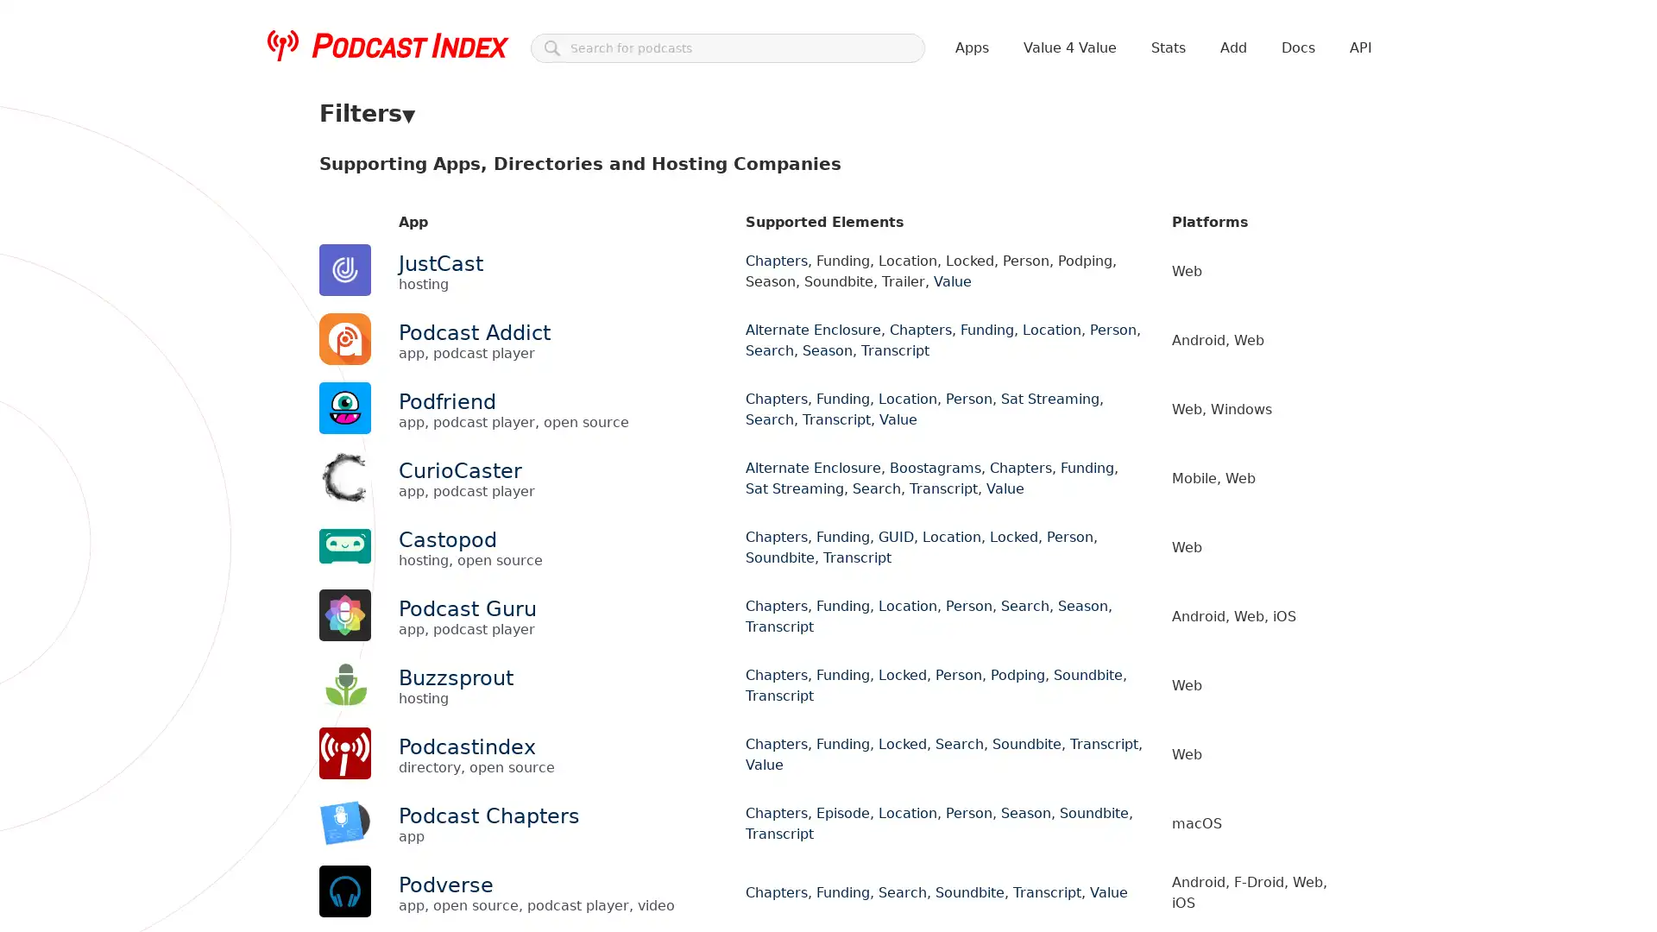 The width and height of the screenshot is (1657, 932). What do you see at coordinates (387, 167) in the screenshot?
I see `App` at bounding box center [387, 167].